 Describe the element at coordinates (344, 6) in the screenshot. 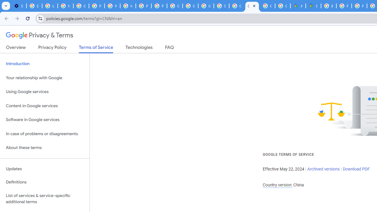

I see `'Privacy Help Center - Policies Help'` at that location.